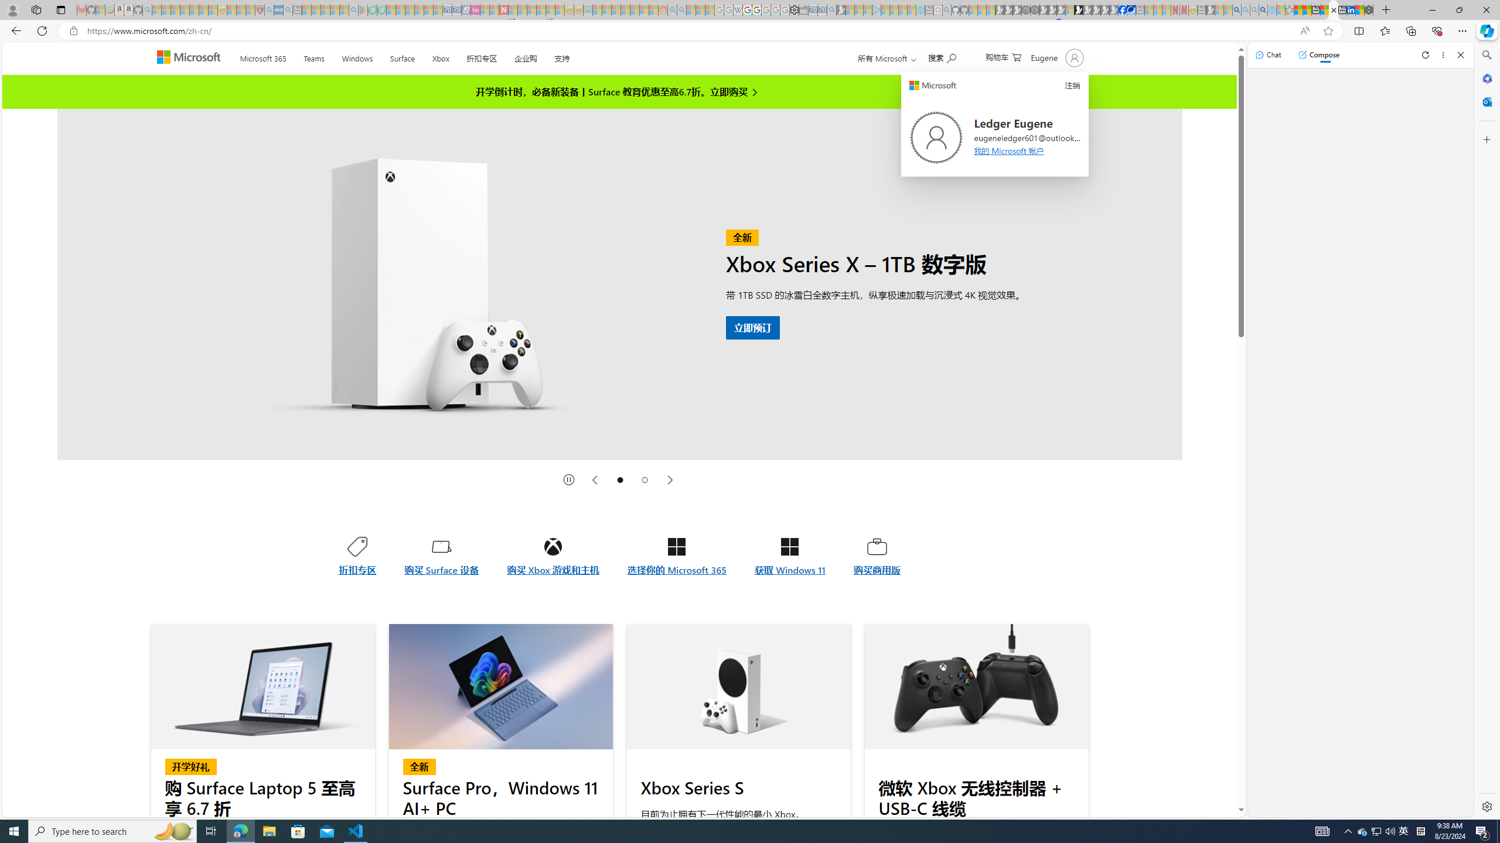 This screenshot has height=843, width=1500. I want to click on 'Surface', so click(402, 56).